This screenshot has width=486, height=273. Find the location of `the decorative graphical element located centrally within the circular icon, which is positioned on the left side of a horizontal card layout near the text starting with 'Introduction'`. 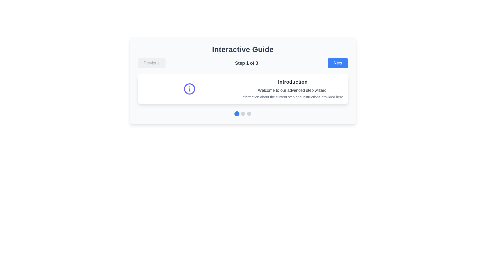

the decorative graphical element located centrally within the circular icon, which is positioned on the left side of a horizontal card layout near the text starting with 'Introduction' is located at coordinates (189, 88).